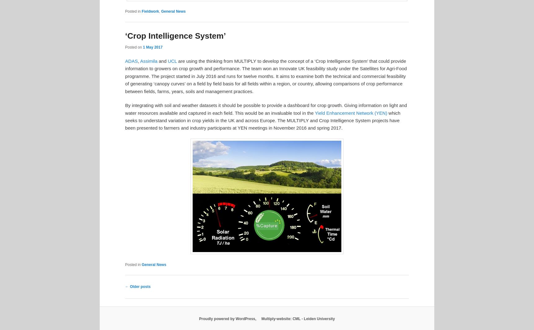 The image size is (534, 330). I want to click on 'Posted on', so click(134, 47).